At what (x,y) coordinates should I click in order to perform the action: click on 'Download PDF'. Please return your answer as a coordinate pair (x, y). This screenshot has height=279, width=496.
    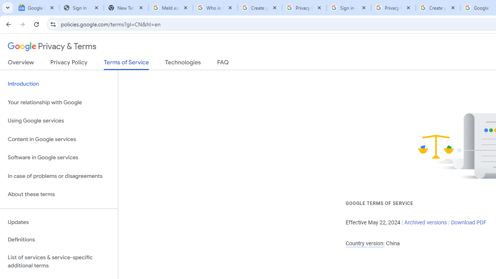
    Looking at the image, I should click on (468, 222).